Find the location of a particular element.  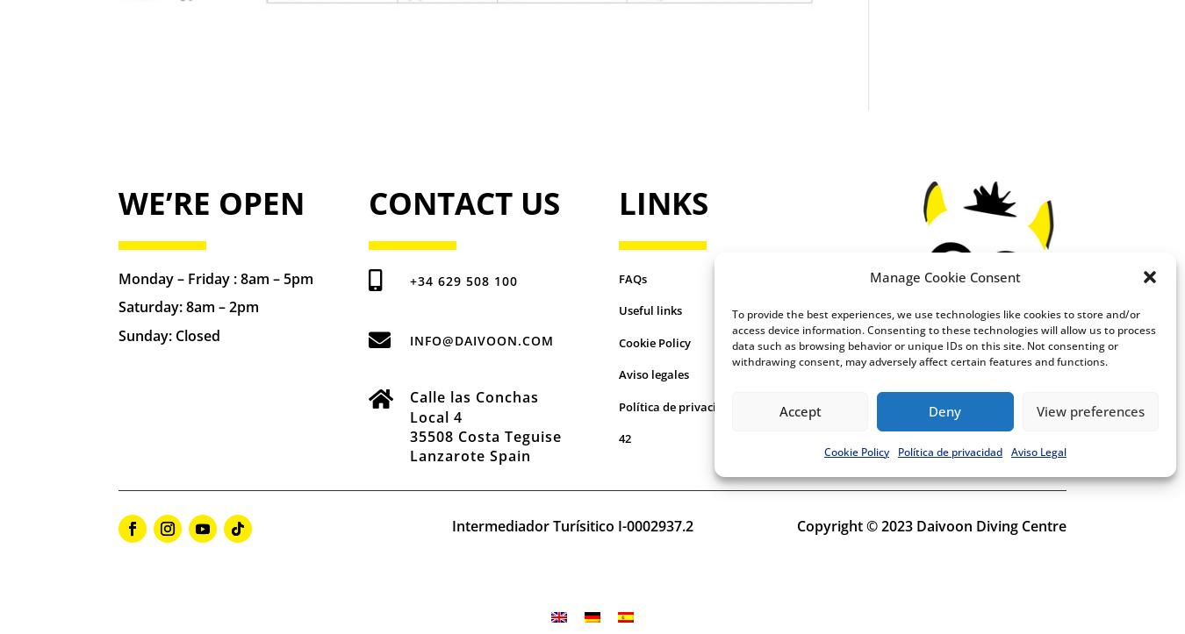

'Sunday: Closed' is located at coordinates (169, 334).